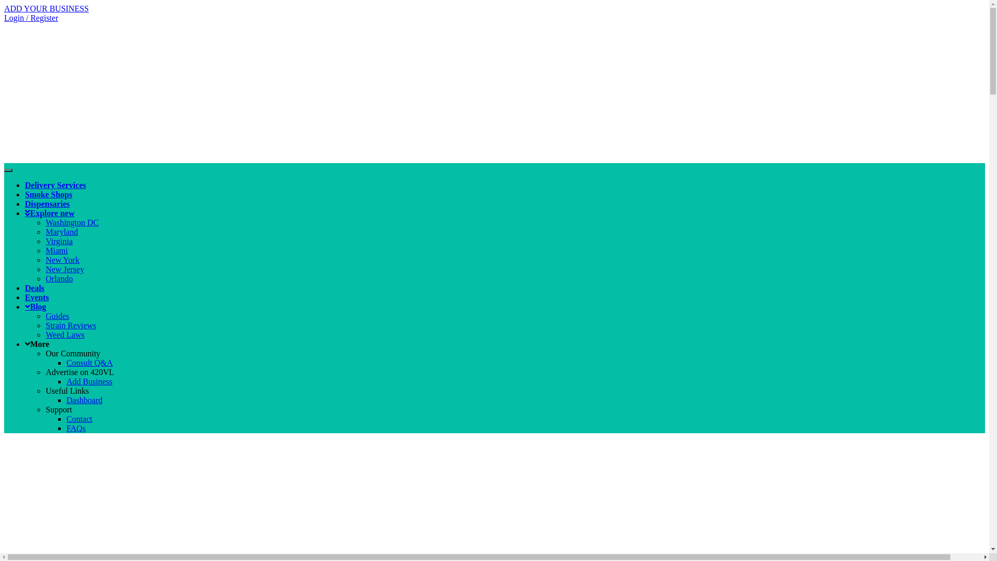 The image size is (997, 561). Describe the element at coordinates (31, 18) in the screenshot. I see `'Login / Register'` at that location.